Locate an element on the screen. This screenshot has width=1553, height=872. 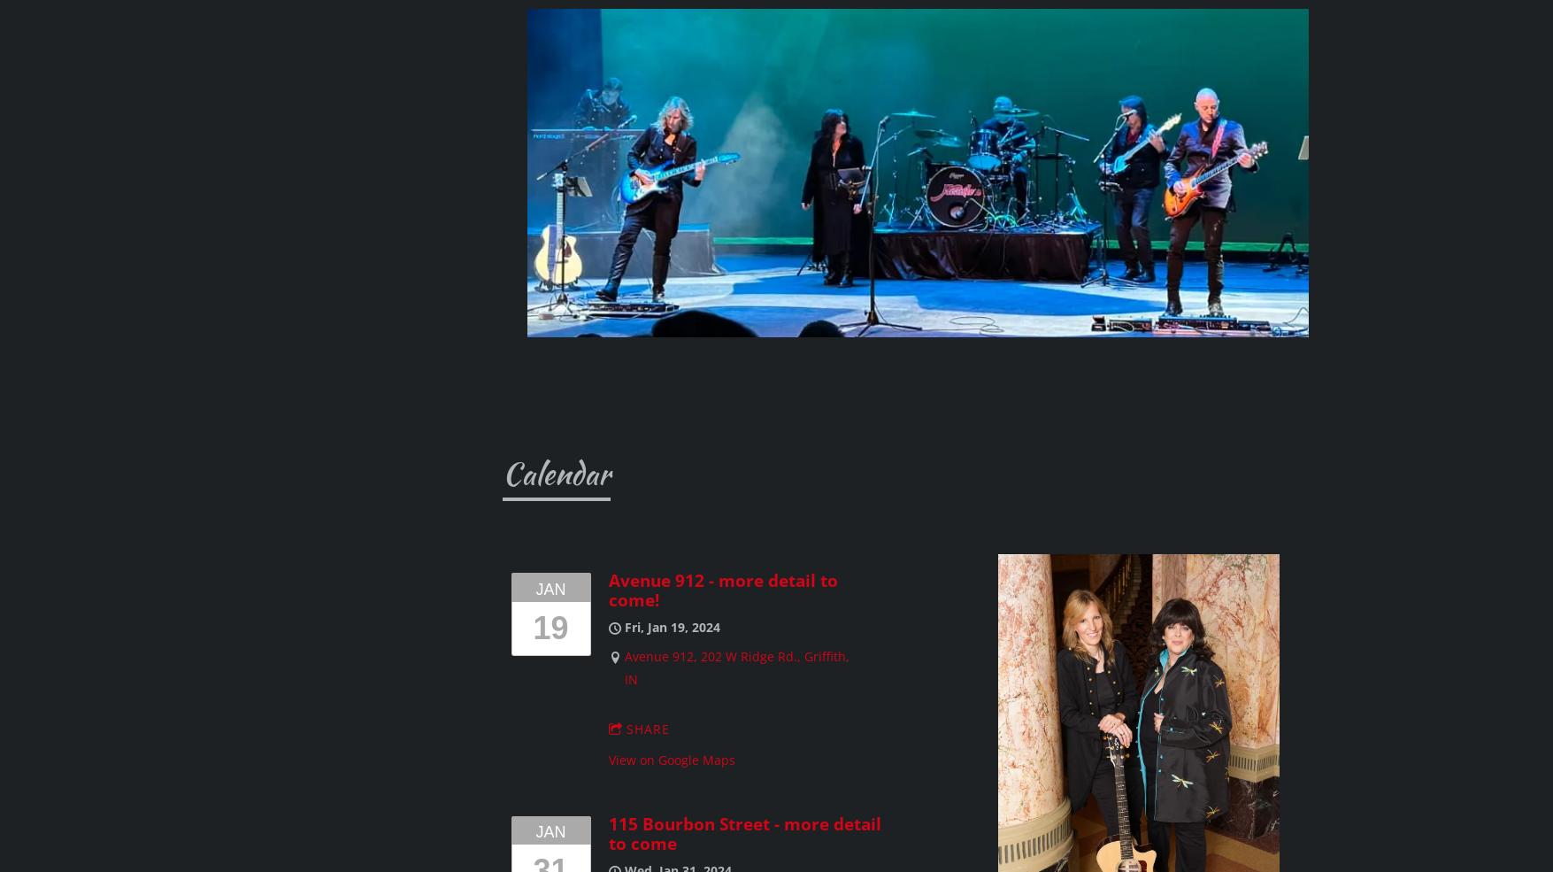
'Music in the Plaza, Tinley Park, IL' is located at coordinates (657, 87).